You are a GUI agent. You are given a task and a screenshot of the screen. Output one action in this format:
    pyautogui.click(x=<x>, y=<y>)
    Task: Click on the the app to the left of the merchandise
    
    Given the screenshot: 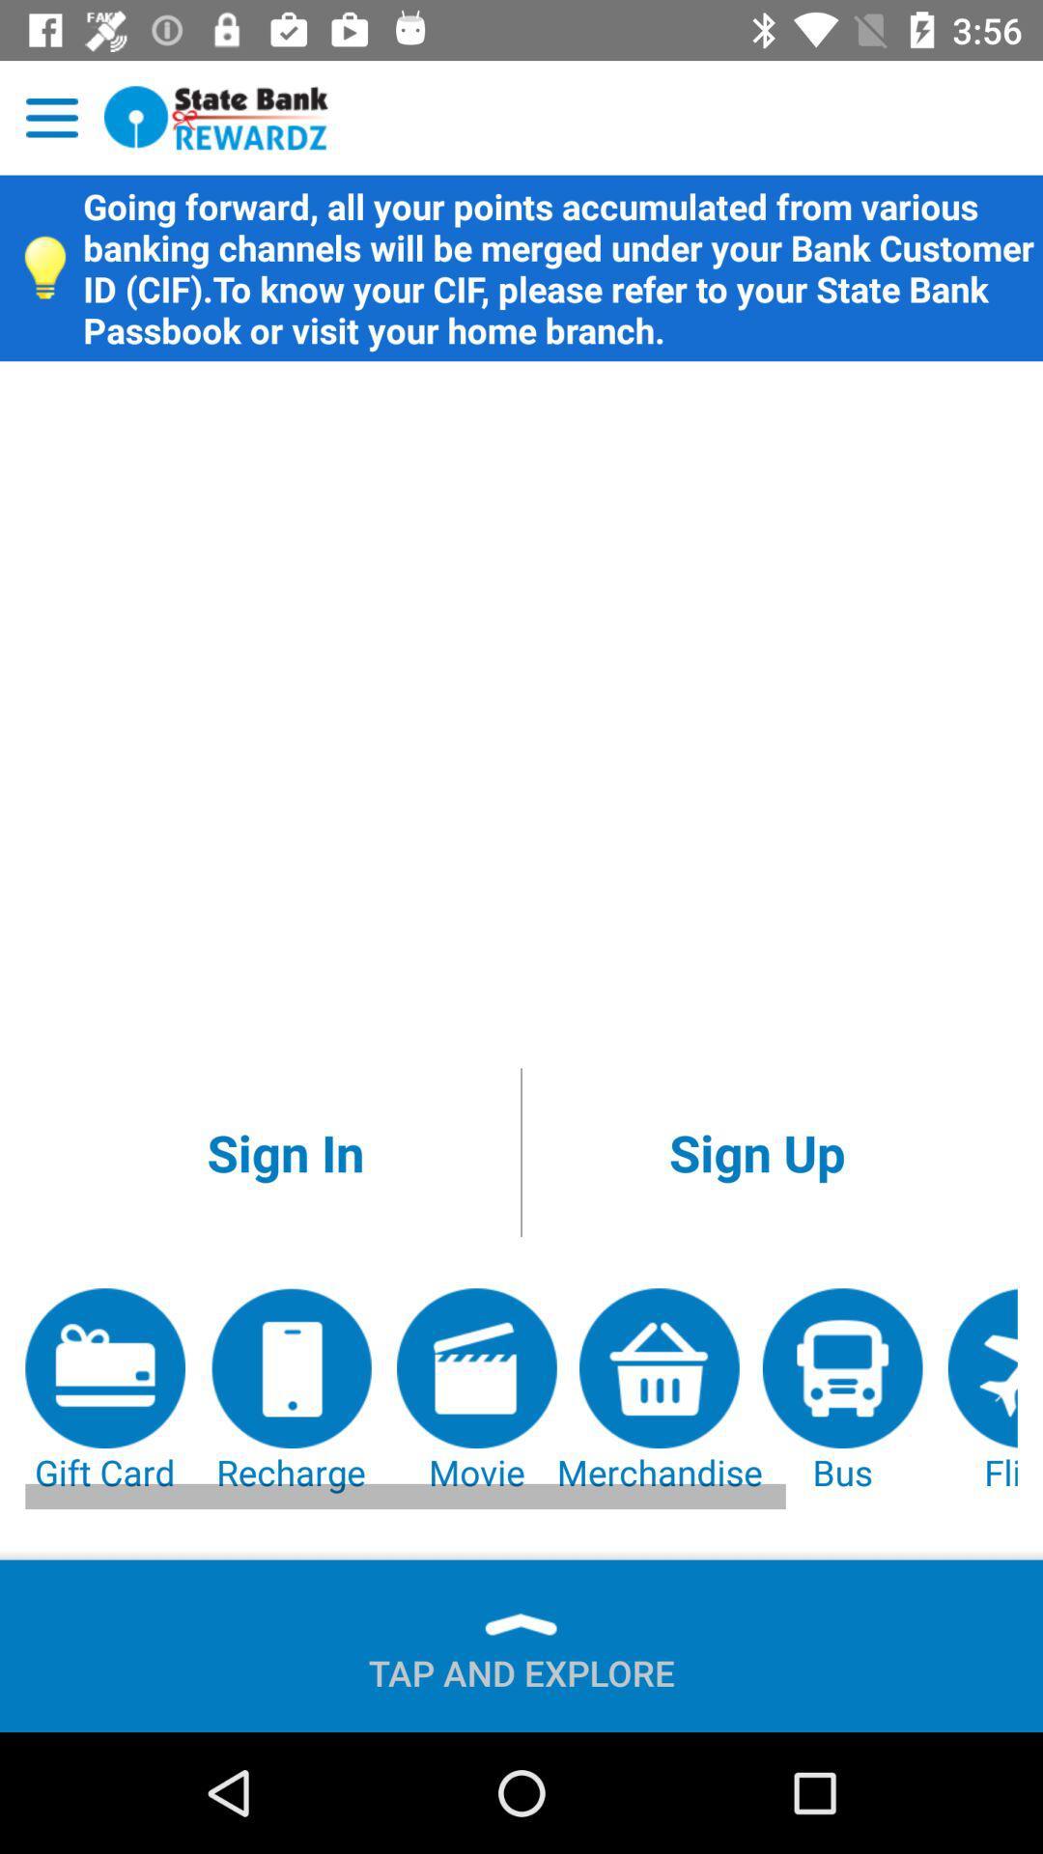 What is the action you would take?
    pyautogui.click(x=476, y=1391)
    